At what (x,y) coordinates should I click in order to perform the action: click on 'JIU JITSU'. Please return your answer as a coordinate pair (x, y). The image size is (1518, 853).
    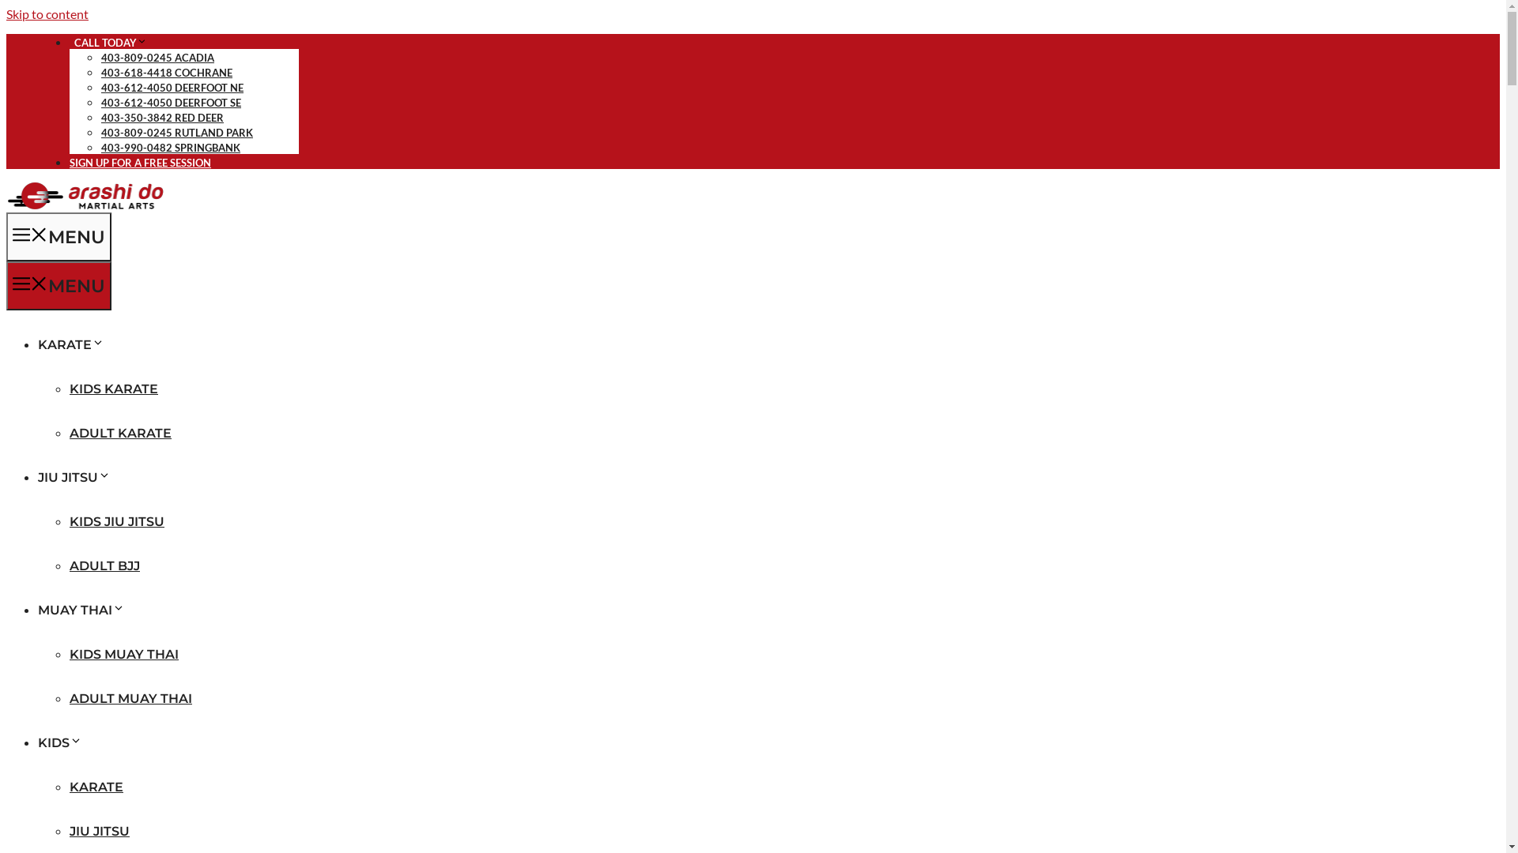
    Looking at the image, I should click on (74, 476).